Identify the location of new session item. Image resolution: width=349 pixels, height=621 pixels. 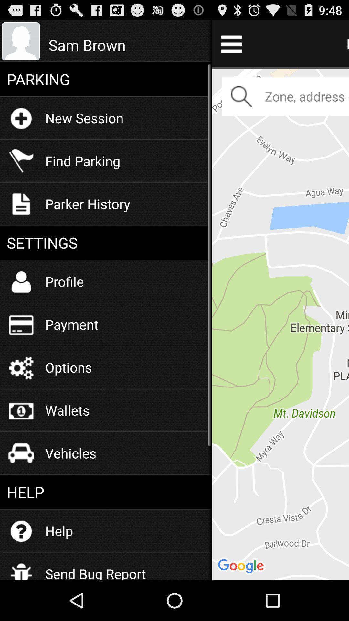
(84, 118).